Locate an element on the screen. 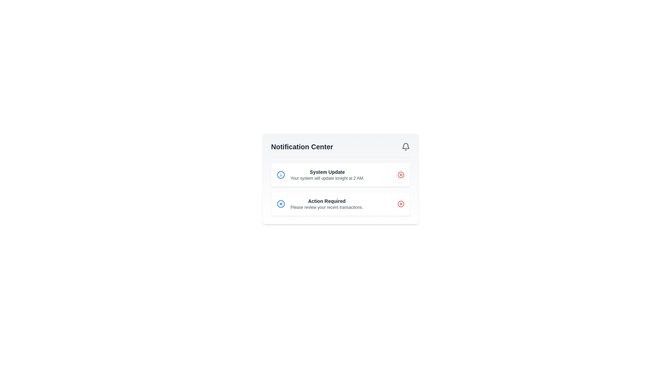 The image size is (666, 374). the innermost icon in the 'System Update' notification block located in the left section of the Notification Center interface is located at coordinates (281, 175).